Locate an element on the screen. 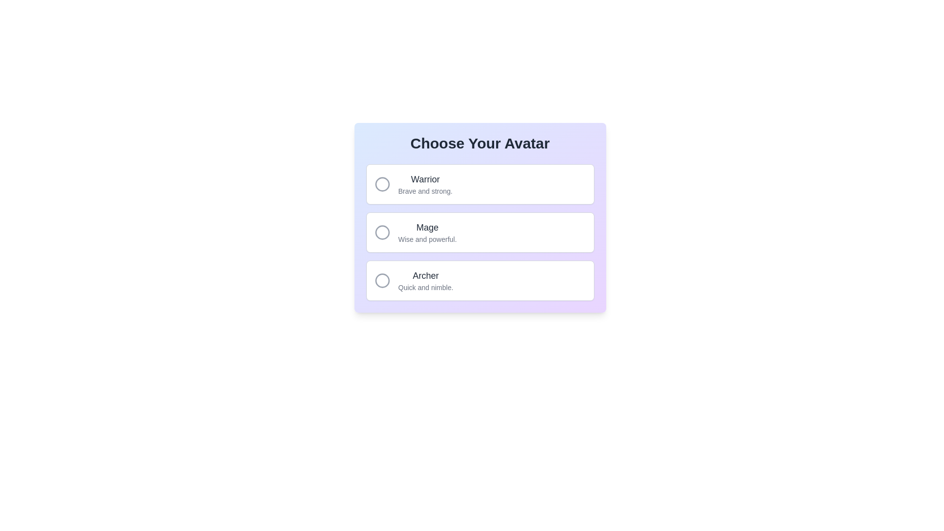  the 'Warrior' text label in the avatar selection list, which identifies the choice for the Warrior option is located at coordinates (425, 179).